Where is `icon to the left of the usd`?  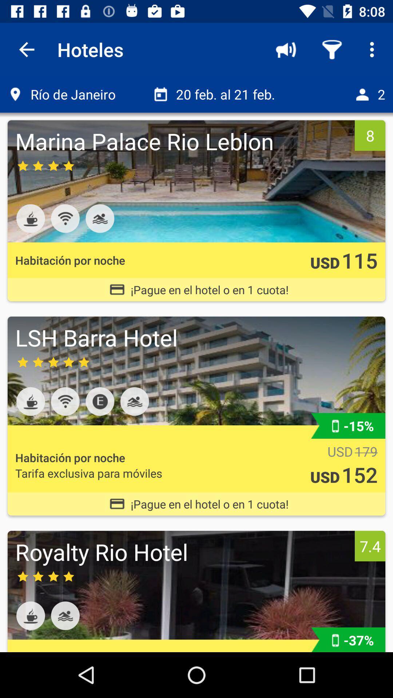
icon to the left of the usd is located at coordinates (88, 473).